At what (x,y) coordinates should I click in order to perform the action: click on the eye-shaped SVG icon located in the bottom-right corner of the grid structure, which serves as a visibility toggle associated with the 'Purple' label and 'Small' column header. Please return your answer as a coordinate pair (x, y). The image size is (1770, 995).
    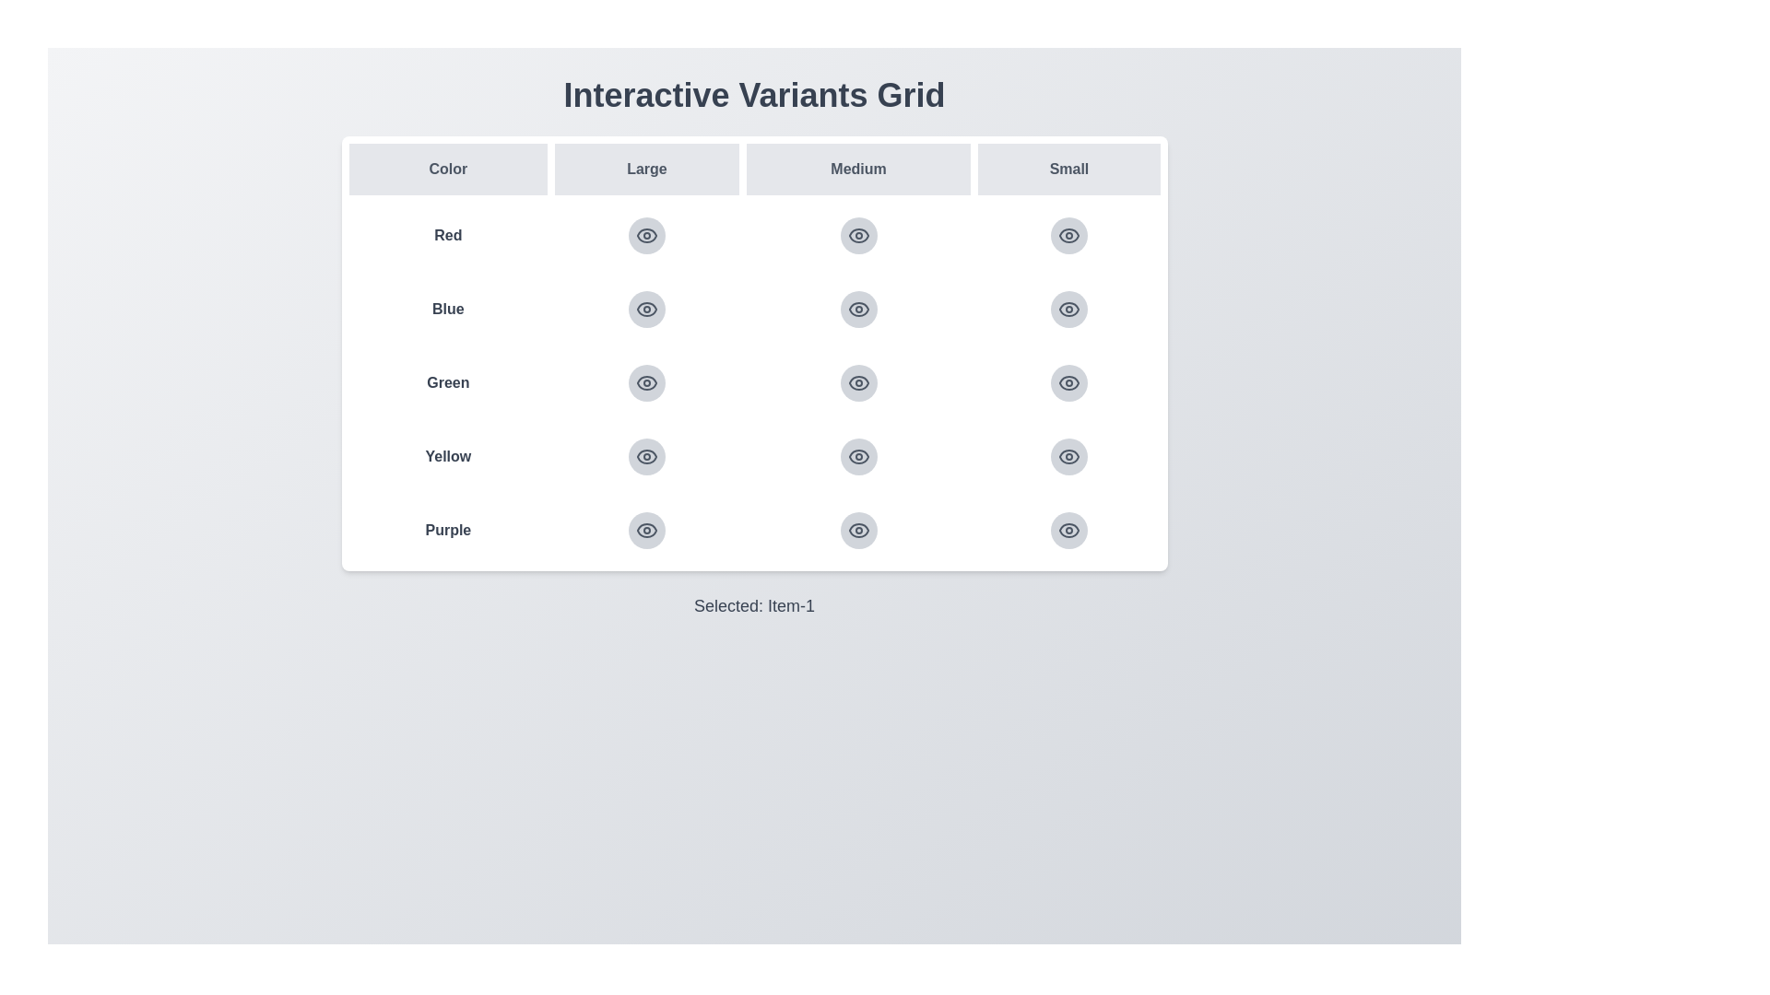
    Looking at the image, I should click on (1069, 530).